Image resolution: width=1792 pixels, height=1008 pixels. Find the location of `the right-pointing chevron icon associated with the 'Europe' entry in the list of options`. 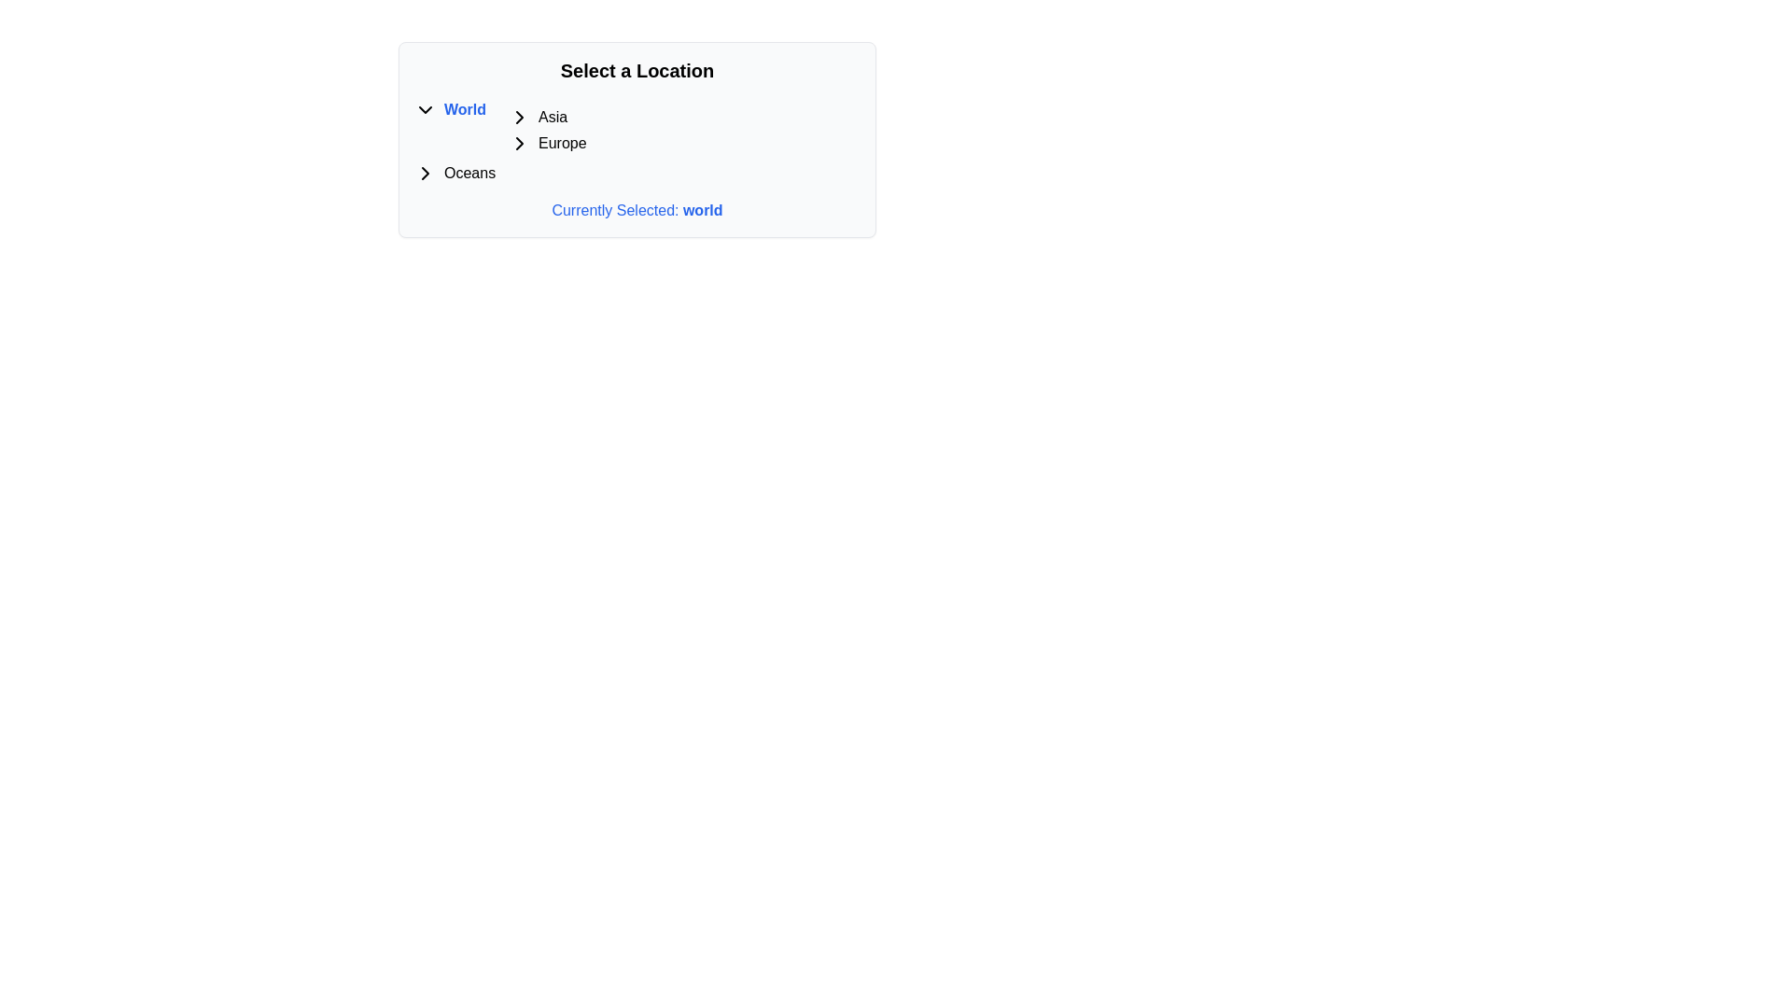

the right-pointing chevron icon associated with the 'Europe' entry in the list of options is located at coordinates (519, 143).